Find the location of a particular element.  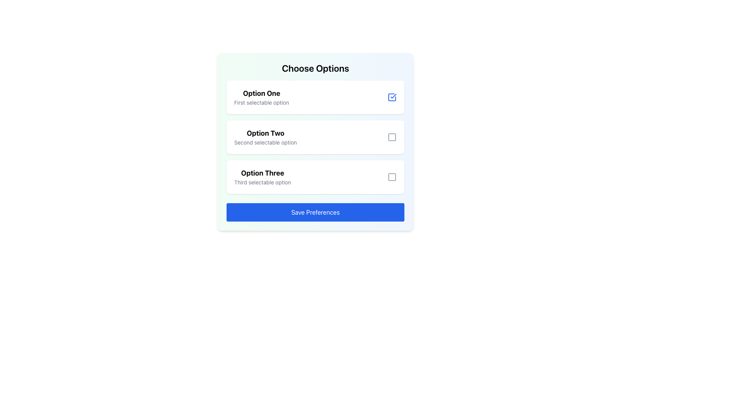

Text Label that describes the third option in the list under 'Choose Options', positioned between 'Option Two' and the 'Save Preferences' button is located at coordinates (263, 177).